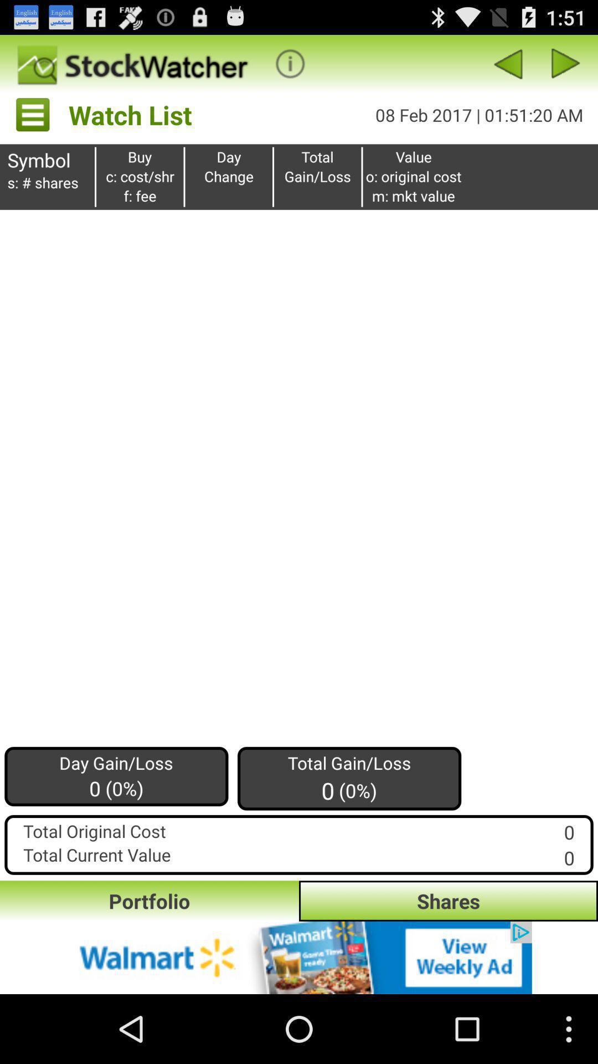 This screenshot has height=1064, width=598. What do you see at coordinates (508, 63) in the screenshot?
I see `go back` at bounding box center [508, 63].